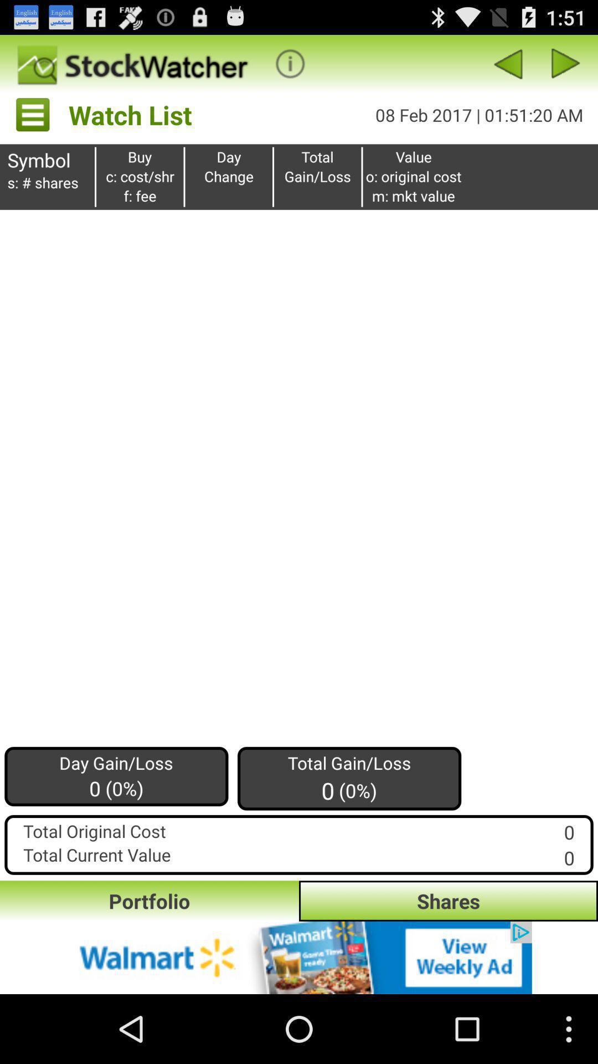 This screenshot has height=1064, width=598. What do you see at coordinates (508, 63) in the screenshot?
I see `go back` at bounding box center [508, 63].